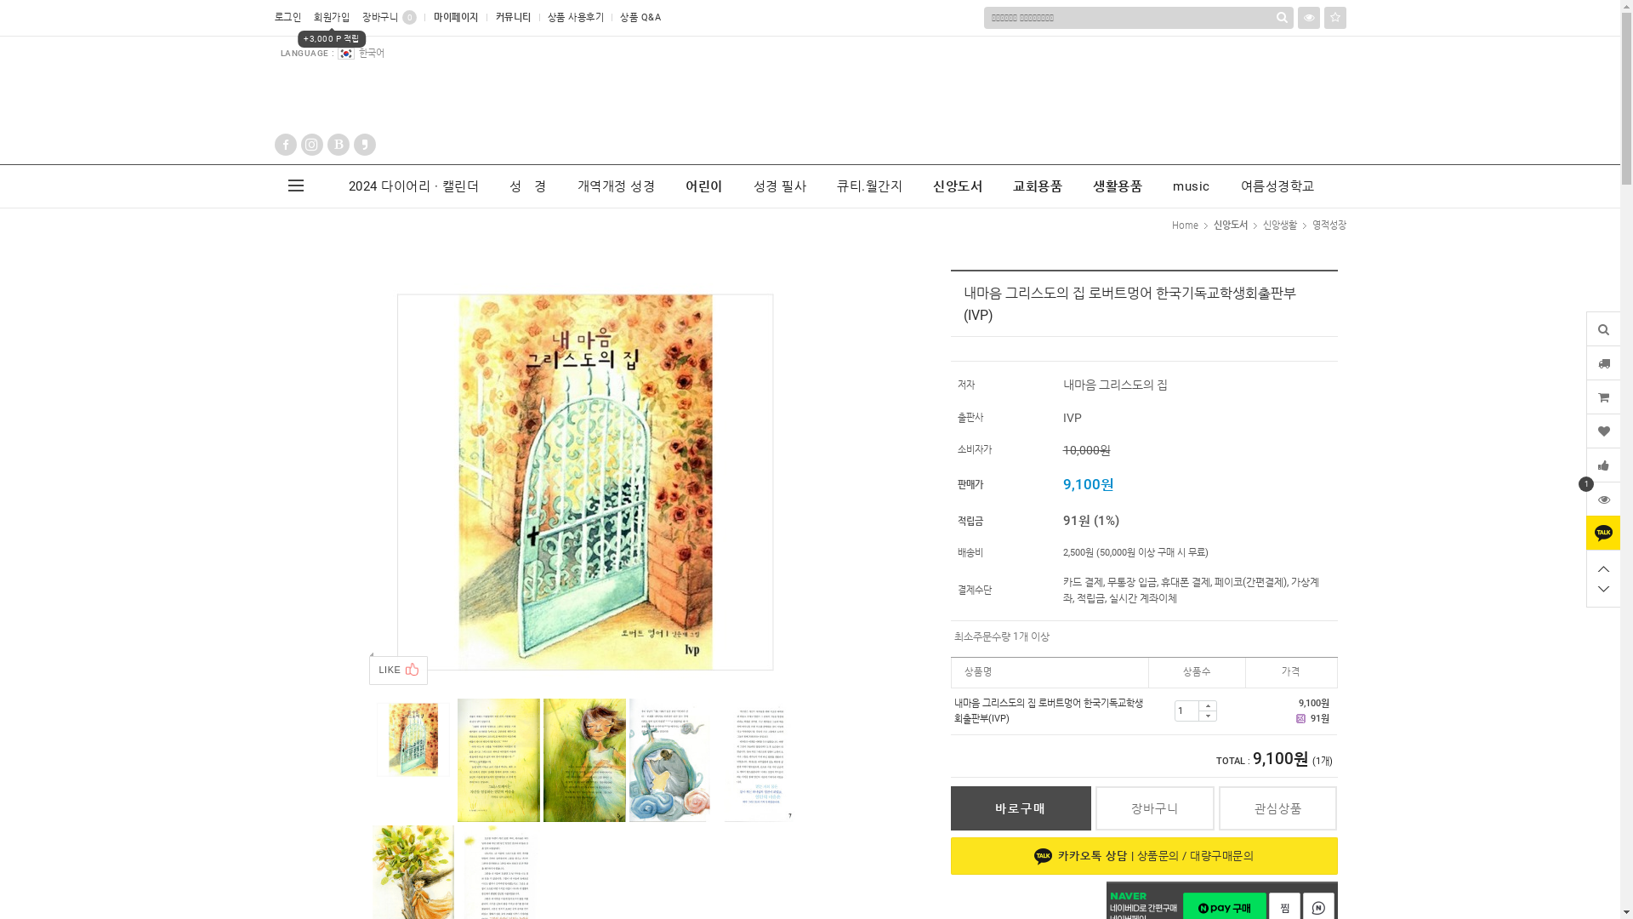 This screenshot has height=919, width=1633. Describe the element at coordinates (1602, 498) in the screenshot. I see `'1'` at that location.